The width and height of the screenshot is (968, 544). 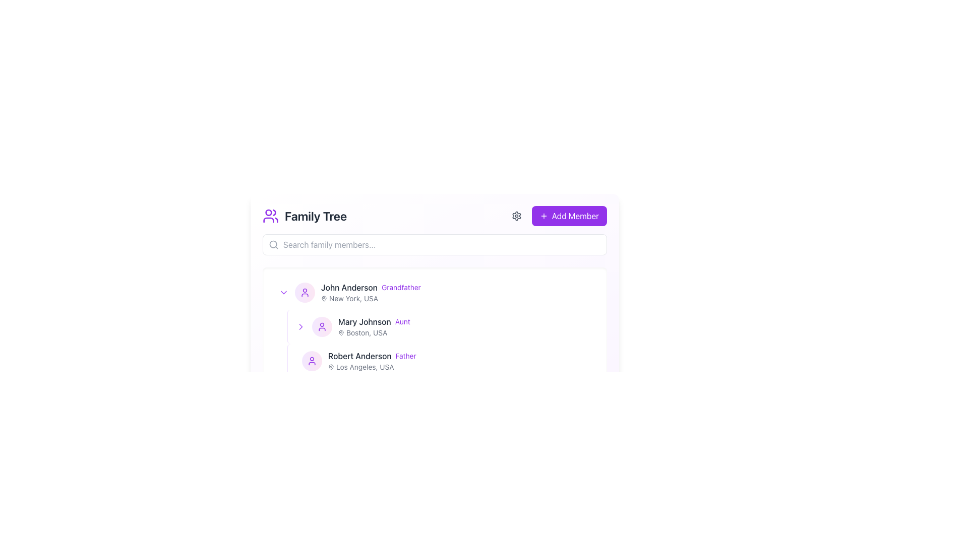 What do you see at coordinates (304, 293) in the screenshot?
I see `the circular icon with a gradient background and a user profile glyph located to the left of the 'John Anderson' text in the family tree entry` at bounding box center [304, 293].